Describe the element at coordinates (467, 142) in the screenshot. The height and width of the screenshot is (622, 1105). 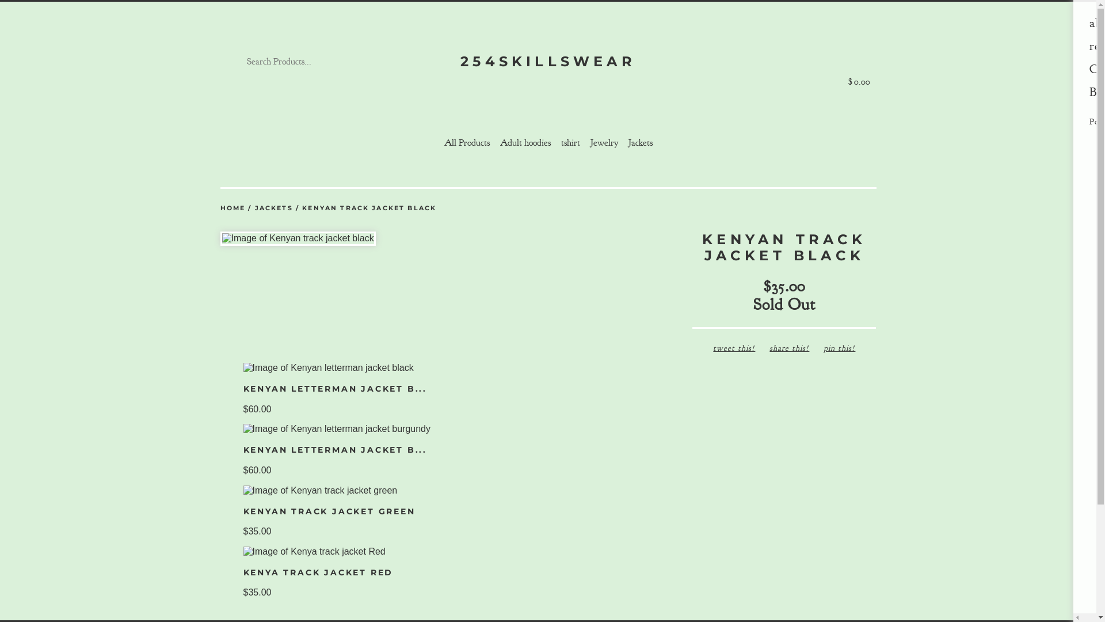
I see `'All Products'` at that location.